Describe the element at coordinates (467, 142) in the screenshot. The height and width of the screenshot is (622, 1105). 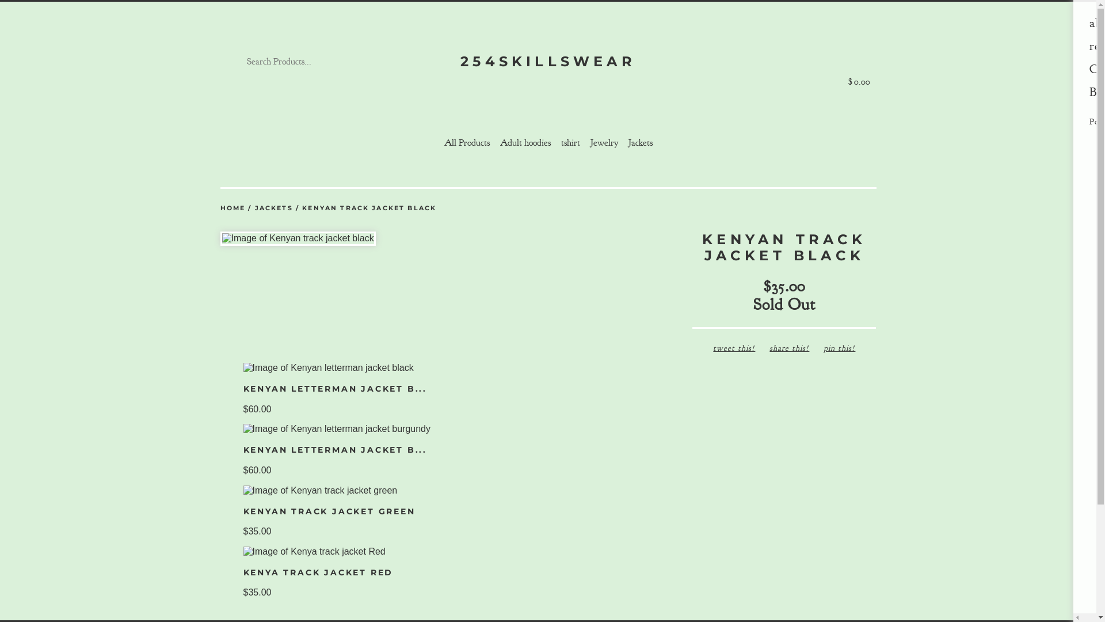
I see `'All Products'` at that location.